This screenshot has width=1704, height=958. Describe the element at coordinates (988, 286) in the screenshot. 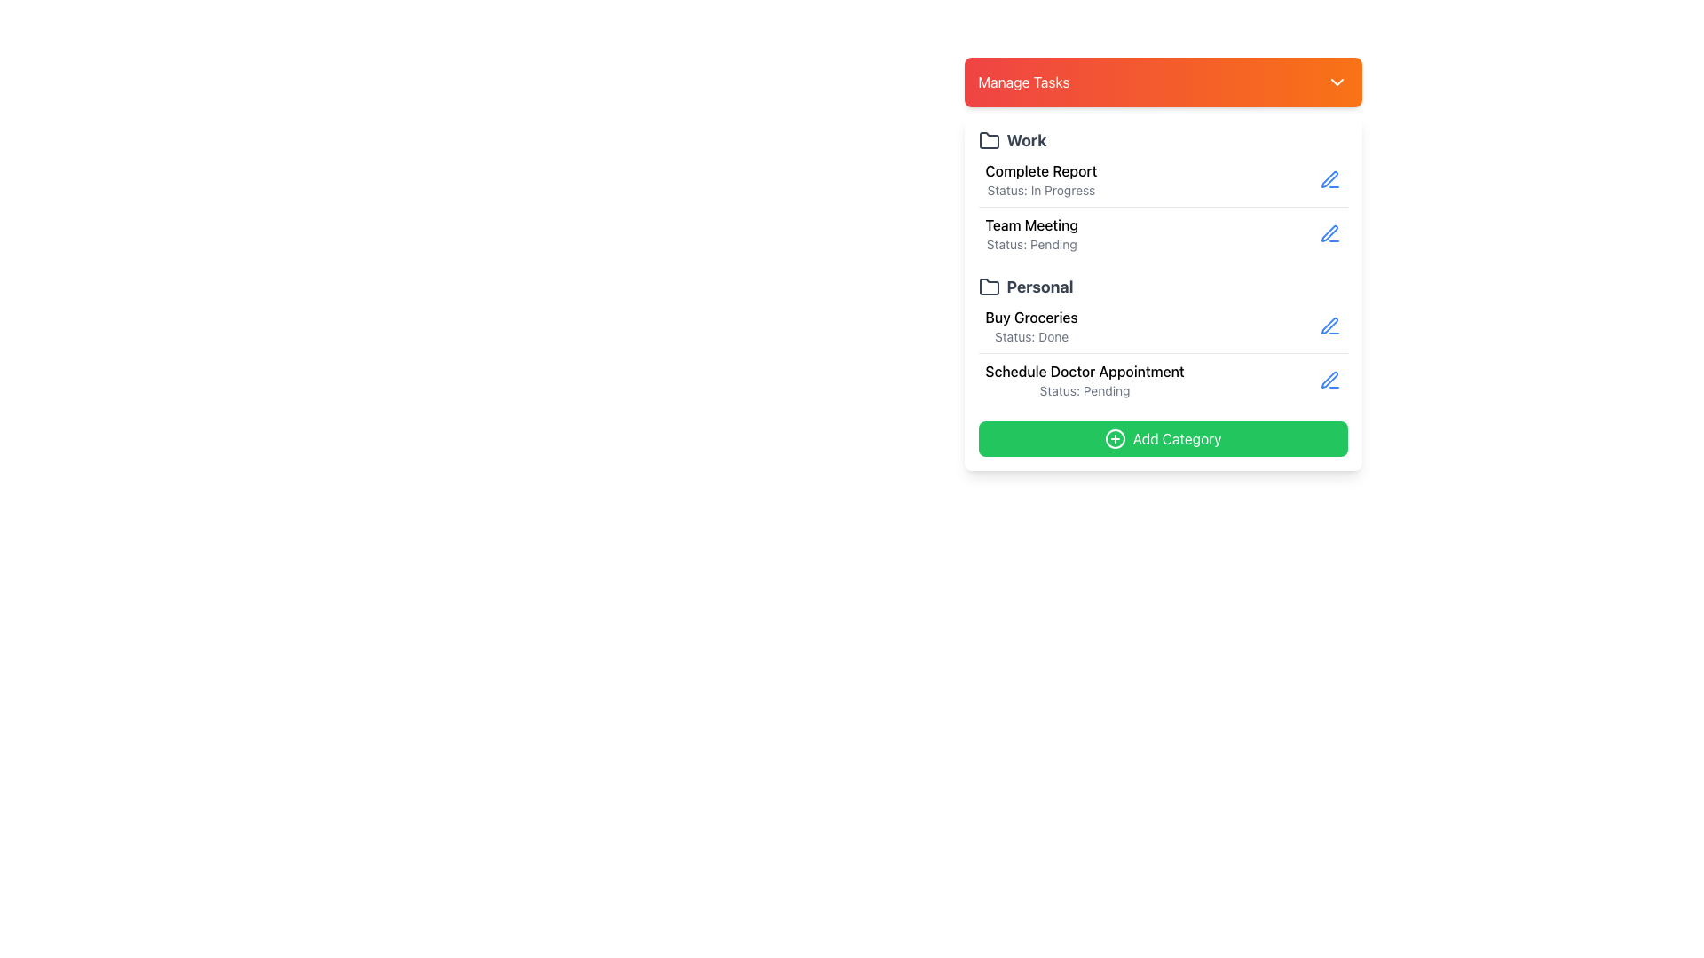

I see `the 'Personal' folder category icon in the 'Manage Tasks' interface, which is located to the left of the text label 'Personal'` at that location.